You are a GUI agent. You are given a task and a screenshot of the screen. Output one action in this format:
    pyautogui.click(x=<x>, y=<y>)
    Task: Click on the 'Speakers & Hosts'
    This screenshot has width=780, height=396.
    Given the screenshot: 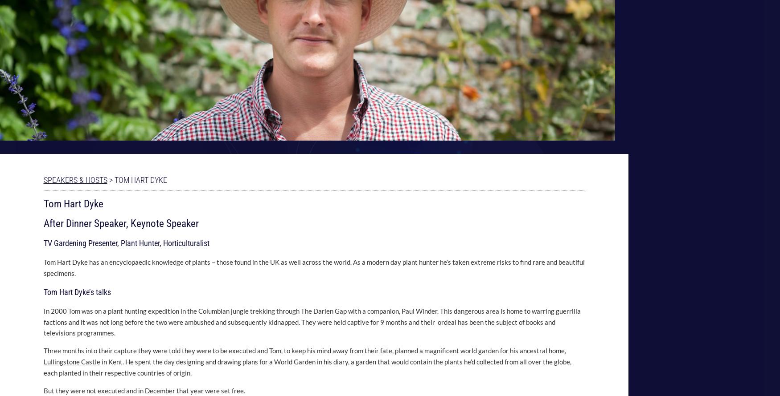 What is the action you would take?
    pyautogui.click(x=74, y=179)
    